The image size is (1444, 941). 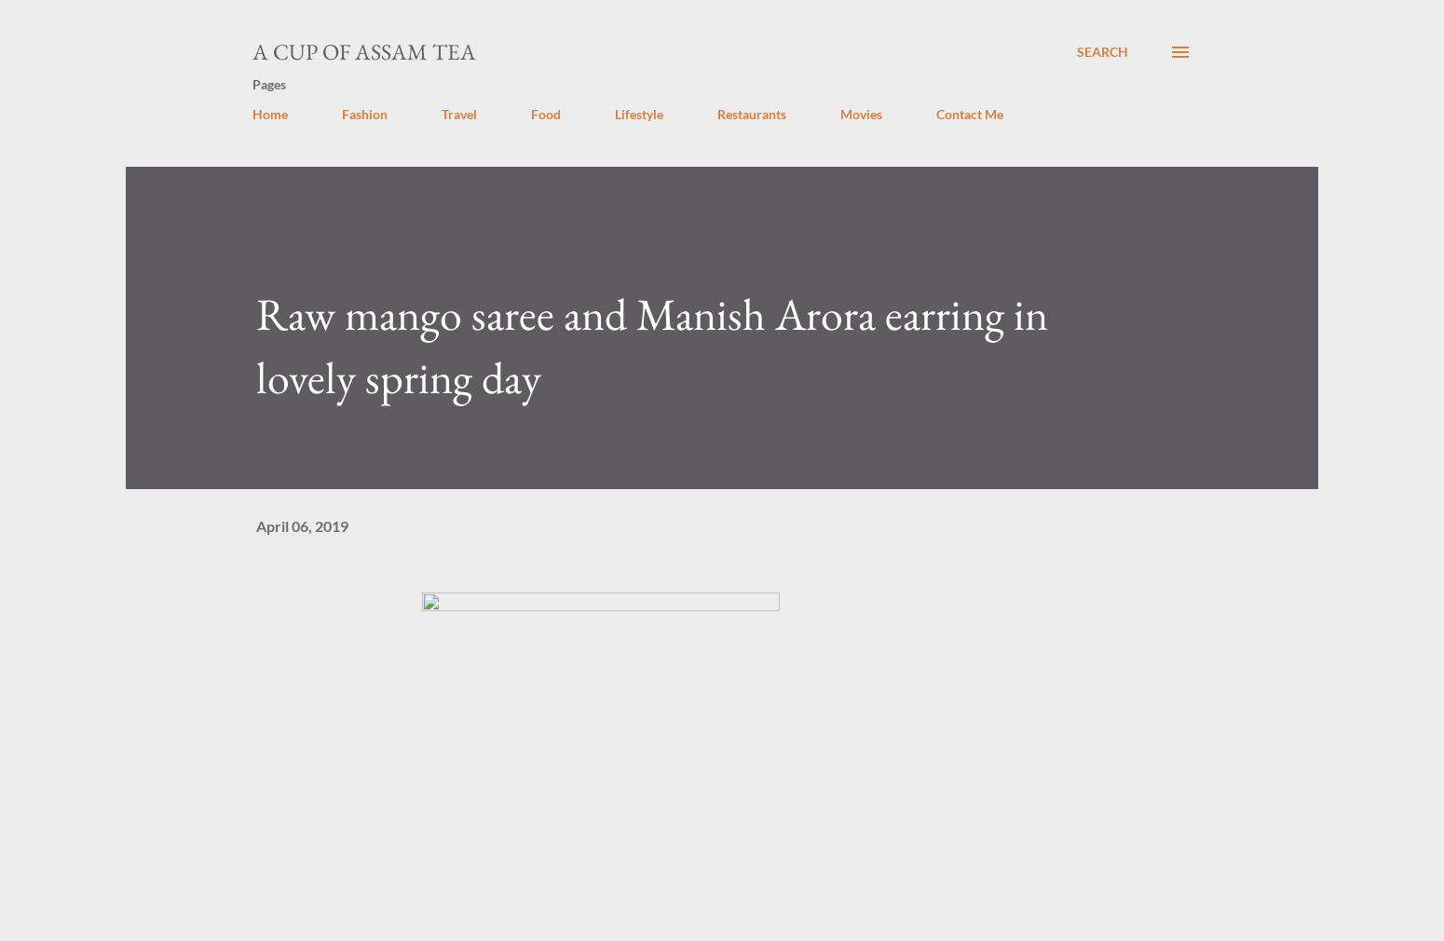 What do you see at coordinates (1068, 597) in the screenshot?
I see `'Share'` at bounding box center [1068, 597].